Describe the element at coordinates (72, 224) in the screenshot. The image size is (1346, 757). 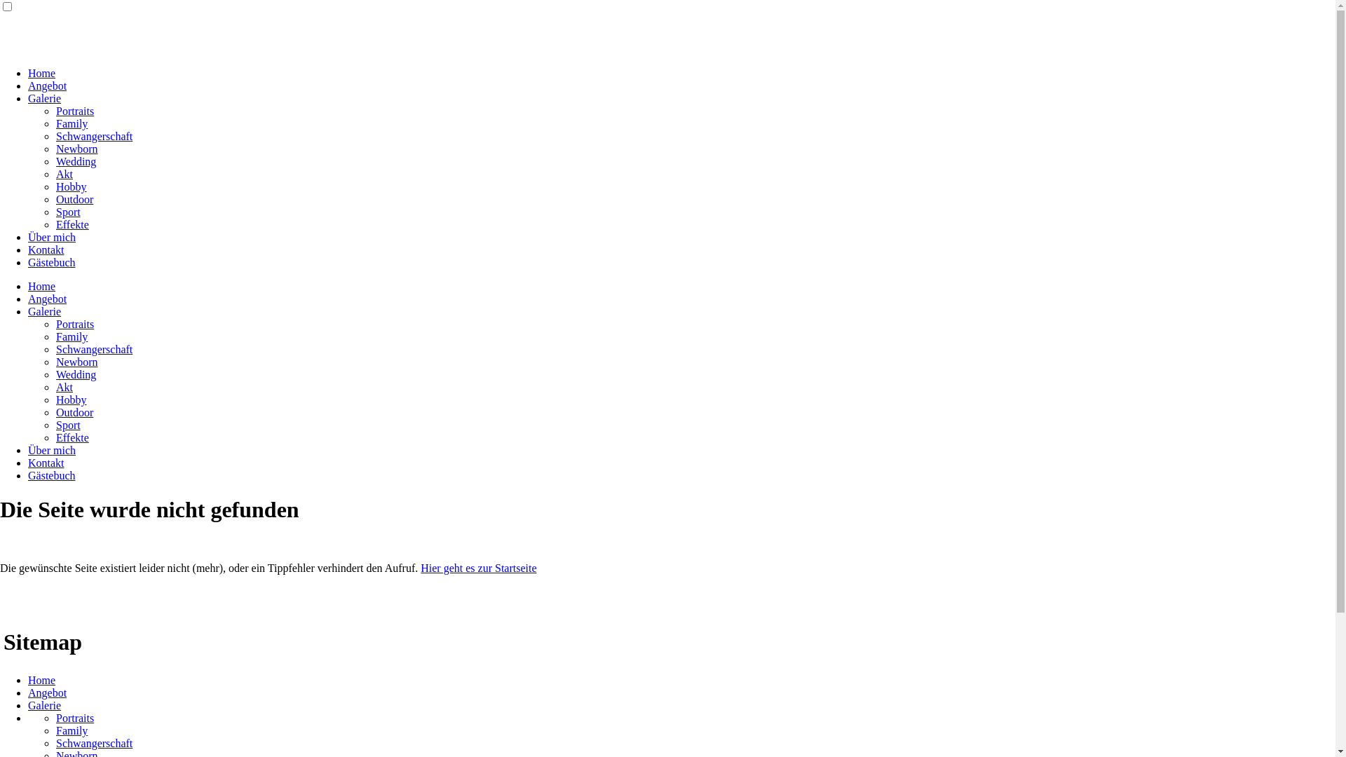
I see `'Effekte'` at that location.